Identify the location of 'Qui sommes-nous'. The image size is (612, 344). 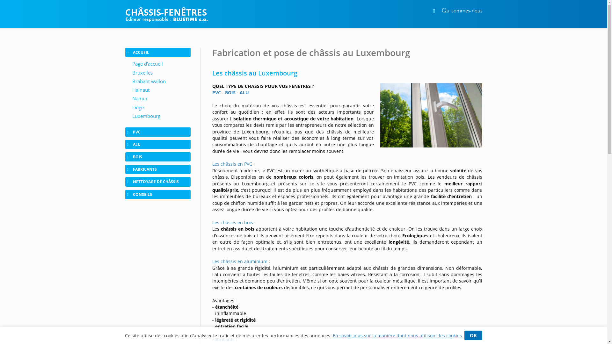
(462, 11).